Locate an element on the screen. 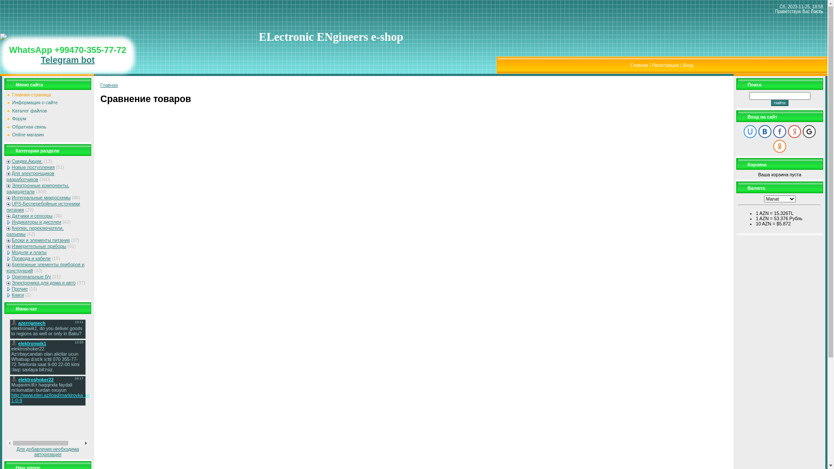 This screenshot has height=469, width=834. 'Telegram bot' is located at coordinates (67, 59).